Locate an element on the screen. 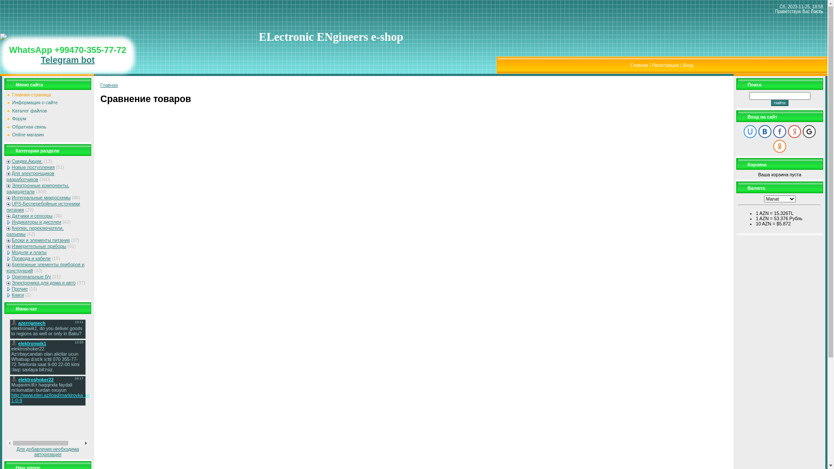 This screenshot has height=469, width=834. 'Telegram bot' is located at coordinates (67, 59).